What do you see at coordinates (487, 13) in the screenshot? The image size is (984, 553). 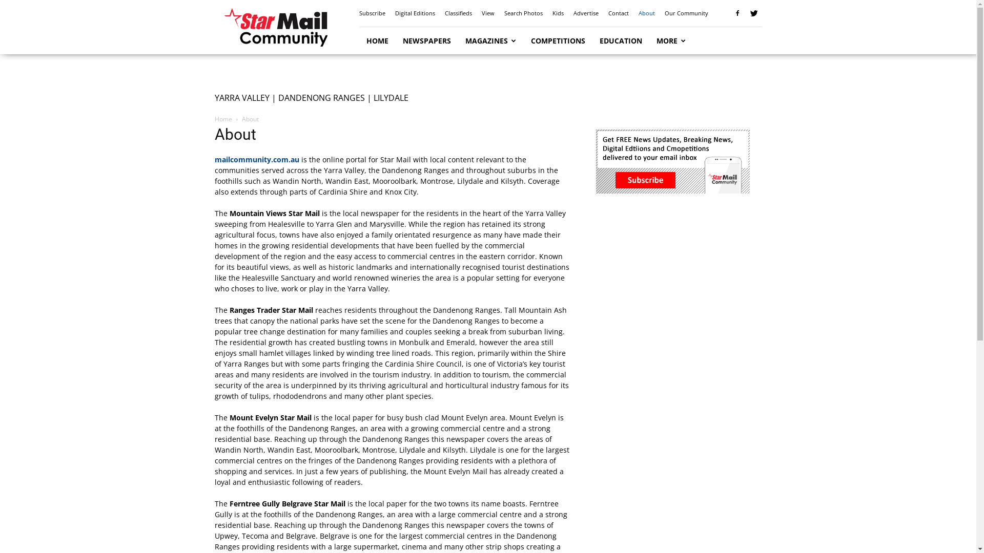 I see `'View'` at bounding box center [487, 13].